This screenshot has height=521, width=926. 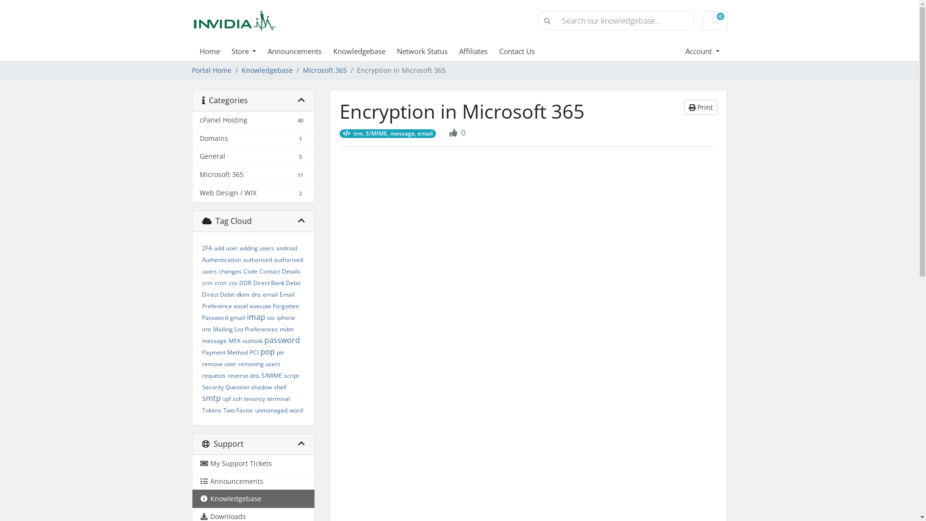 What do you see at coordinates (224, 352) in the screenshot?
I see `'Payment Method'` at bounding box center [224, 352].